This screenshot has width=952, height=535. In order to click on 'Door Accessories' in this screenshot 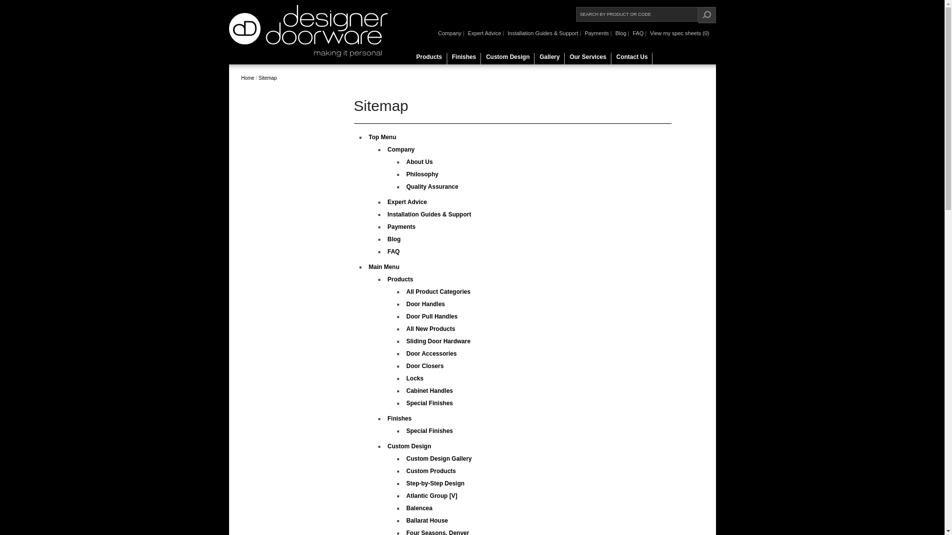, I will do `click(431, 353)`.